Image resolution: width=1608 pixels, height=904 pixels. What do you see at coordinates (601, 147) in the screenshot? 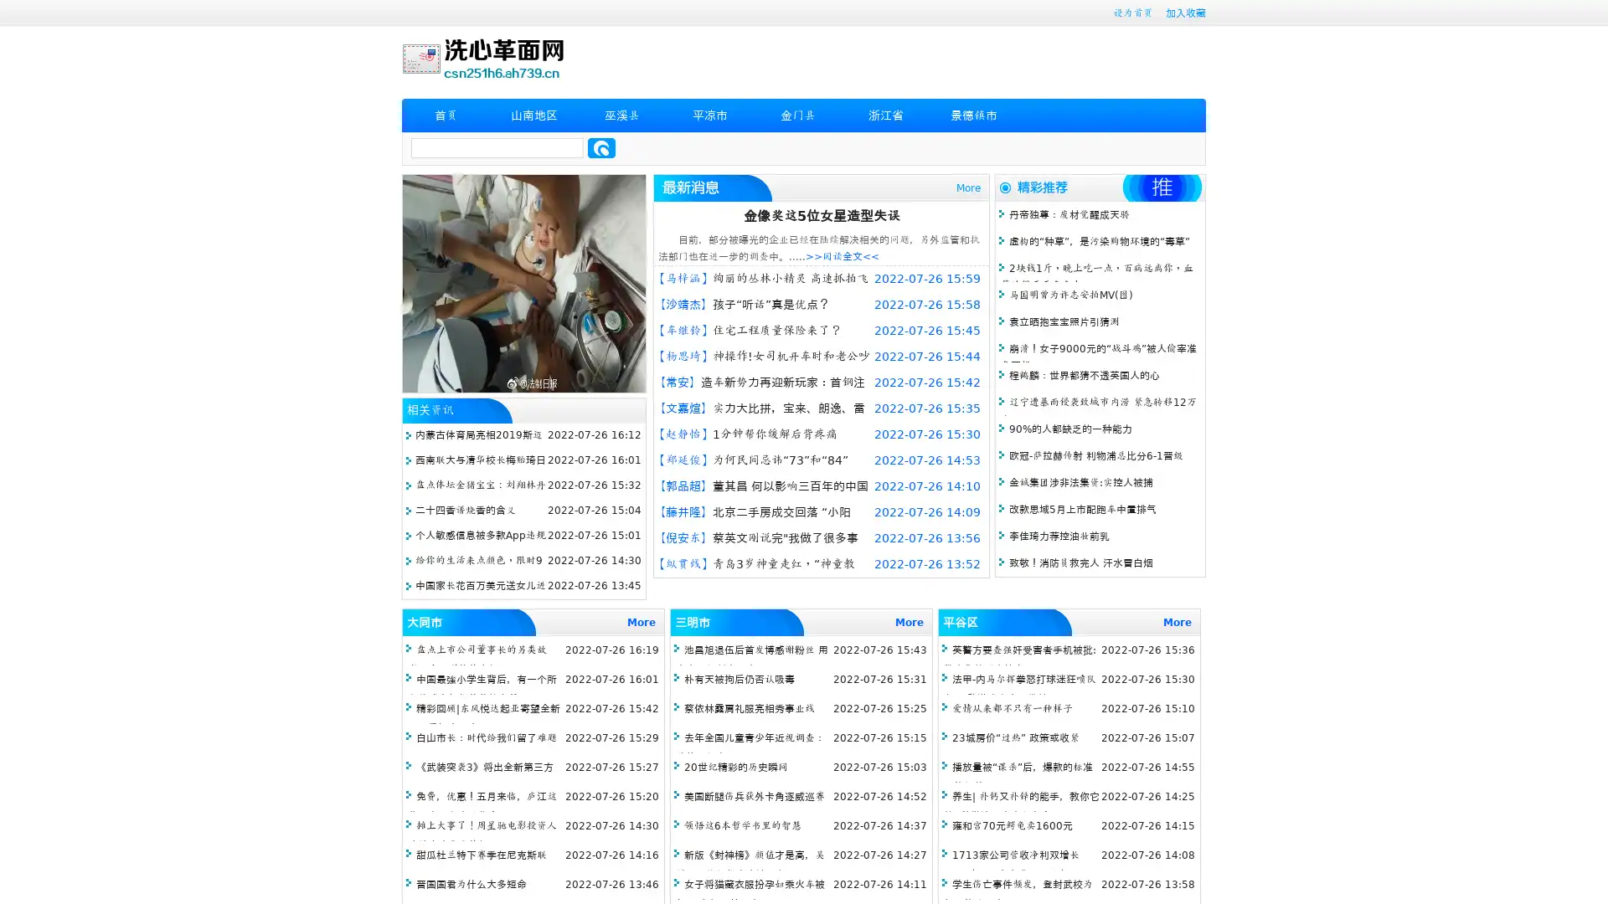
I see `Search` at bounding box center [601, 147].